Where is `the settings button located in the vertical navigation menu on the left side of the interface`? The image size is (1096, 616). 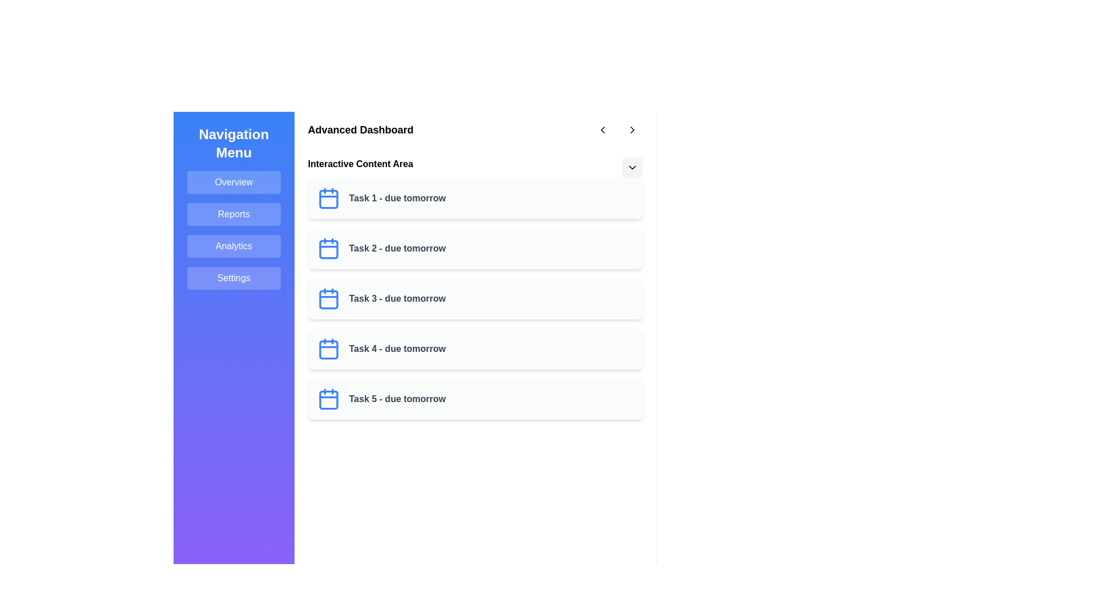 the settings button located in the vertical navigation menu on the left side of the interface is located at coordinates (233, 278).